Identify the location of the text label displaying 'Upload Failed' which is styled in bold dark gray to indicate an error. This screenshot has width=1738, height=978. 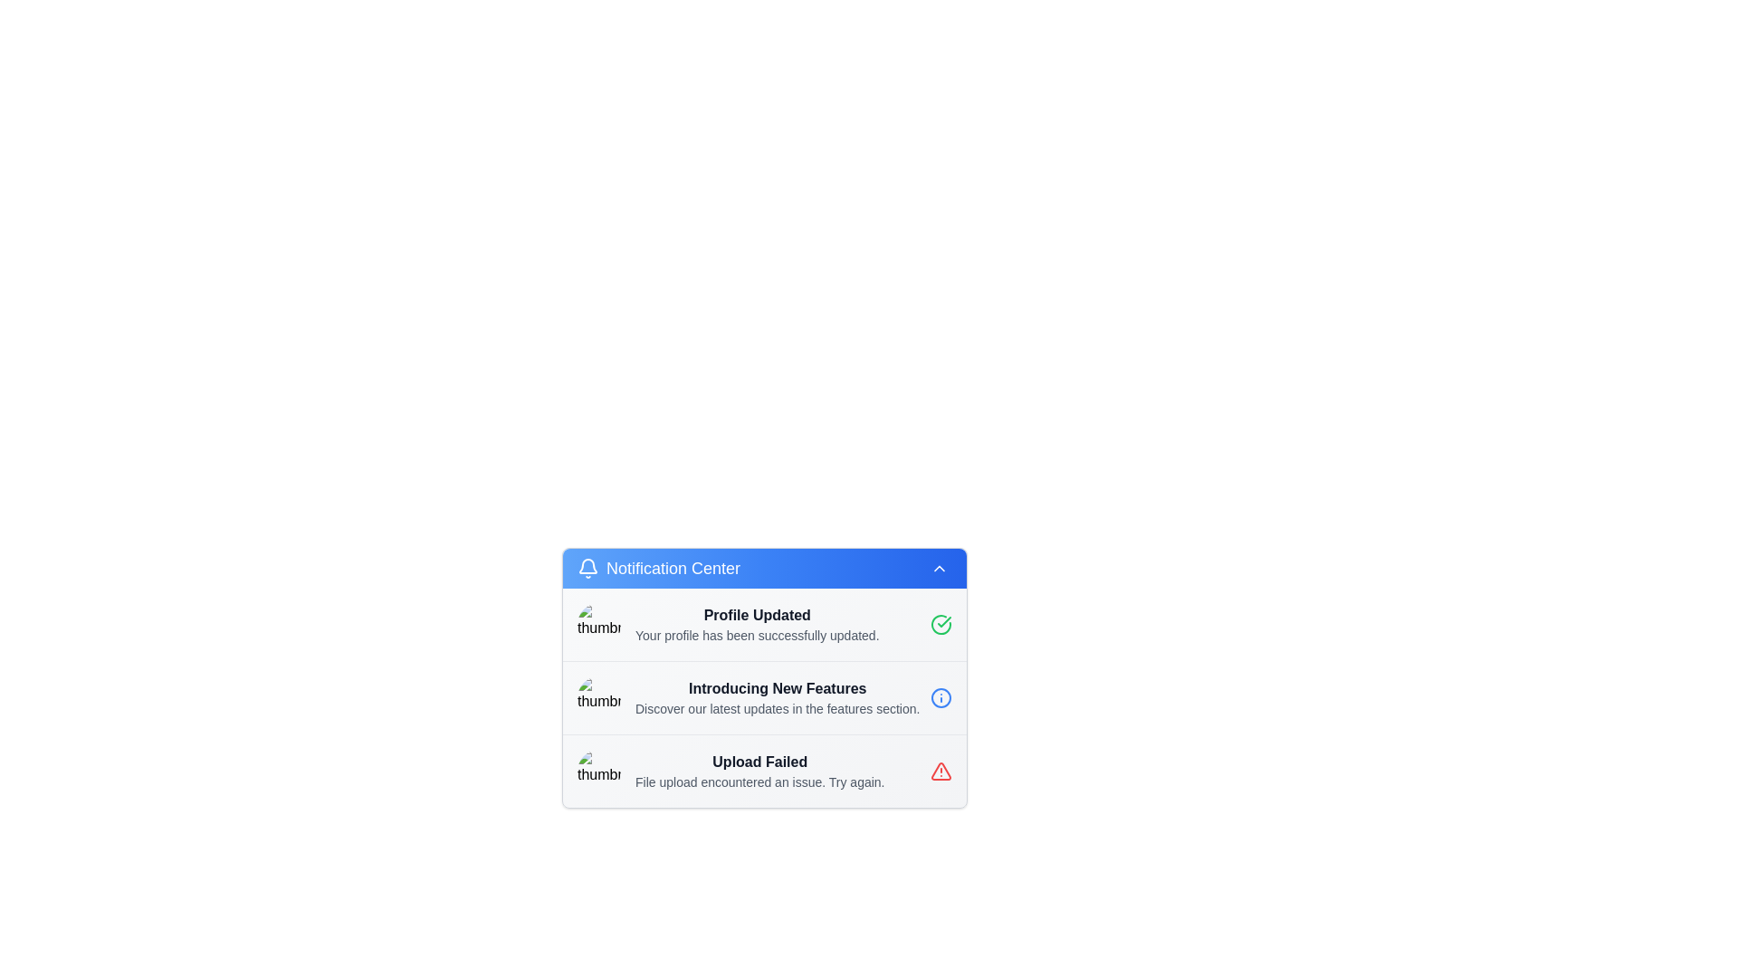
(759, 762).